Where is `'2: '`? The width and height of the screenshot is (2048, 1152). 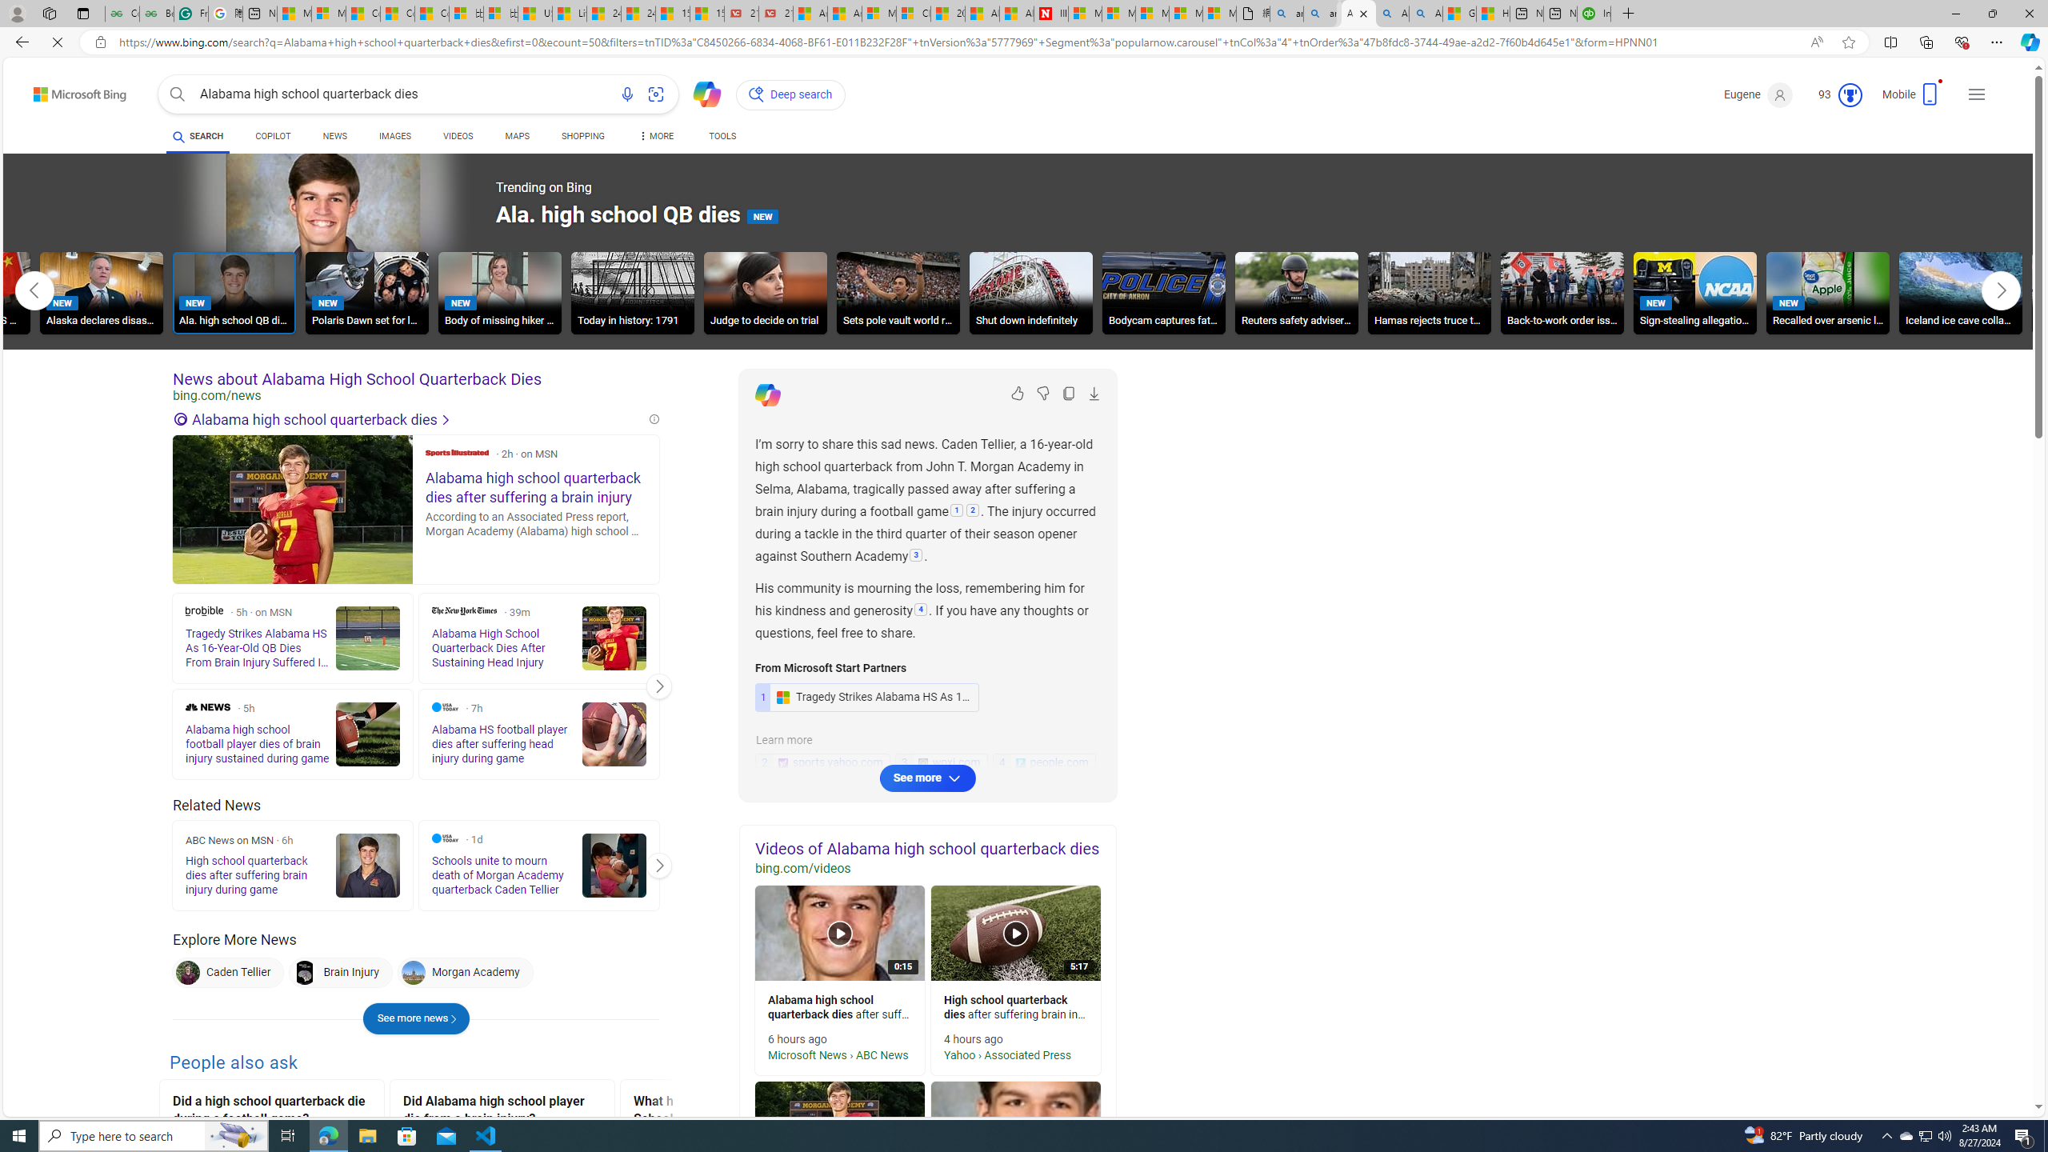
'2: ' is located at coordinates (972, 511).